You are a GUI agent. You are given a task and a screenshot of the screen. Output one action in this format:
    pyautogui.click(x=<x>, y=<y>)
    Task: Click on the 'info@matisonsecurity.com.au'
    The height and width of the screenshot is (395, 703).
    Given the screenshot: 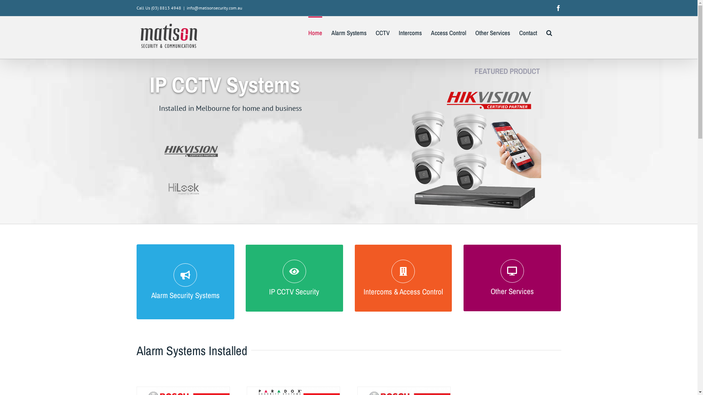 What is the action you would take?
    pyautogui.click(x=186, y=8)
    